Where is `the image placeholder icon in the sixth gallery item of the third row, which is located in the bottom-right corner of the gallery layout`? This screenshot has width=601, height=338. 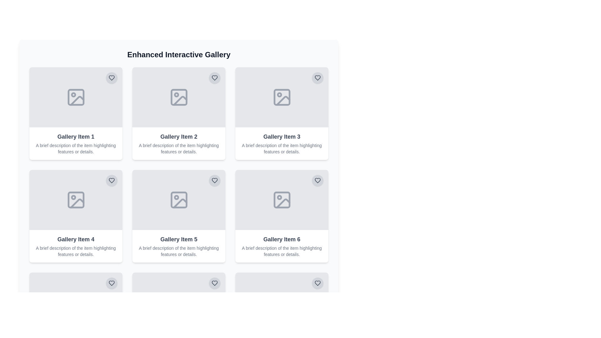
the image placeholder icon in the sixth gallery item of the third row, which is located in the bottom-right corner of the gallery layout is located at coordinates (281, 200).